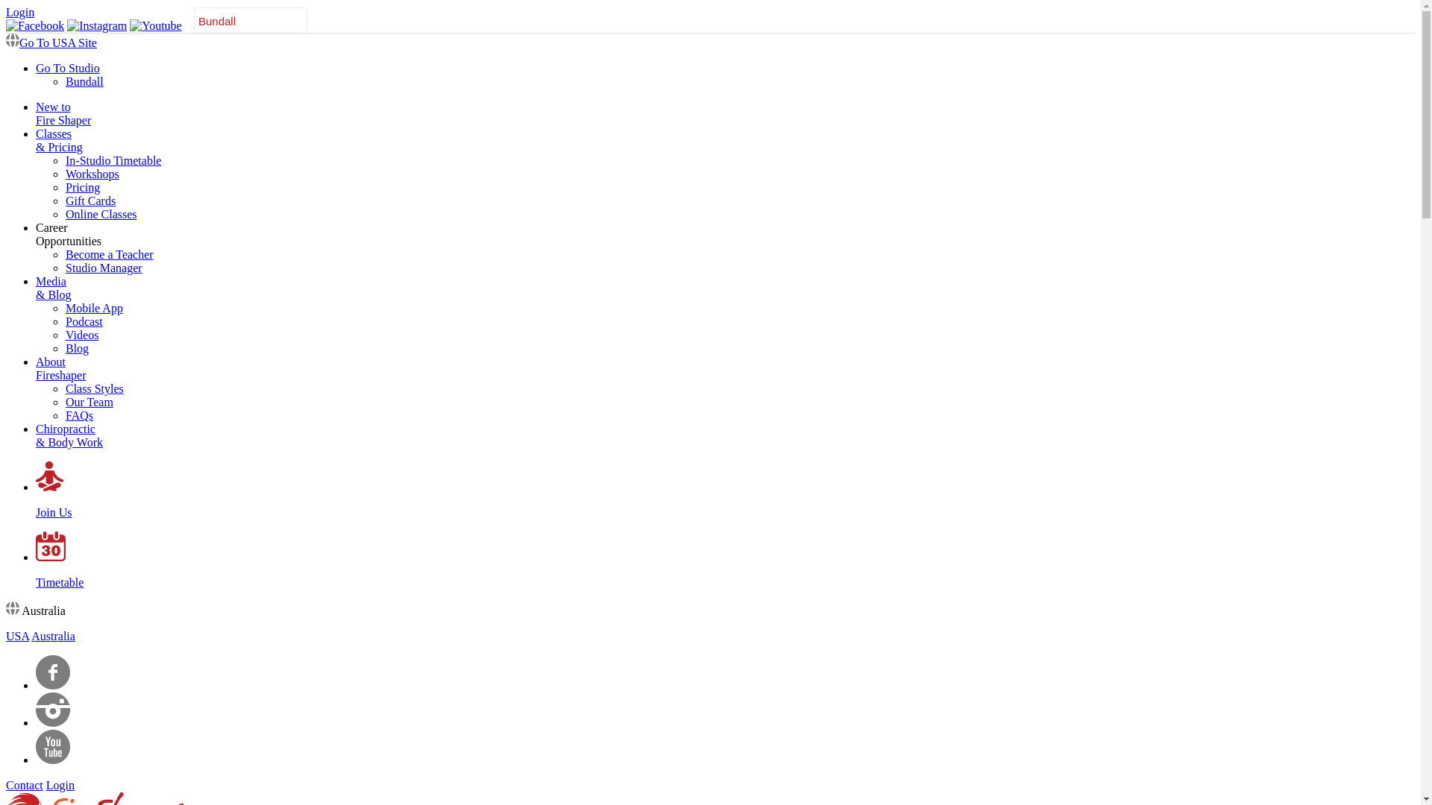 The height and width of the screenshot is (805, 1432). I want to click on 'Classes, so click(36, 140).